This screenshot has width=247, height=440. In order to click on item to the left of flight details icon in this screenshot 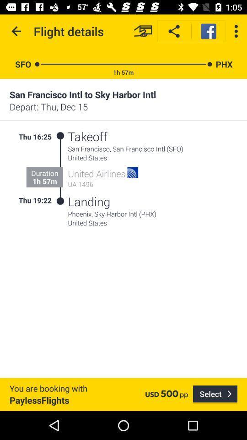, I will do `click(16, 31)`.